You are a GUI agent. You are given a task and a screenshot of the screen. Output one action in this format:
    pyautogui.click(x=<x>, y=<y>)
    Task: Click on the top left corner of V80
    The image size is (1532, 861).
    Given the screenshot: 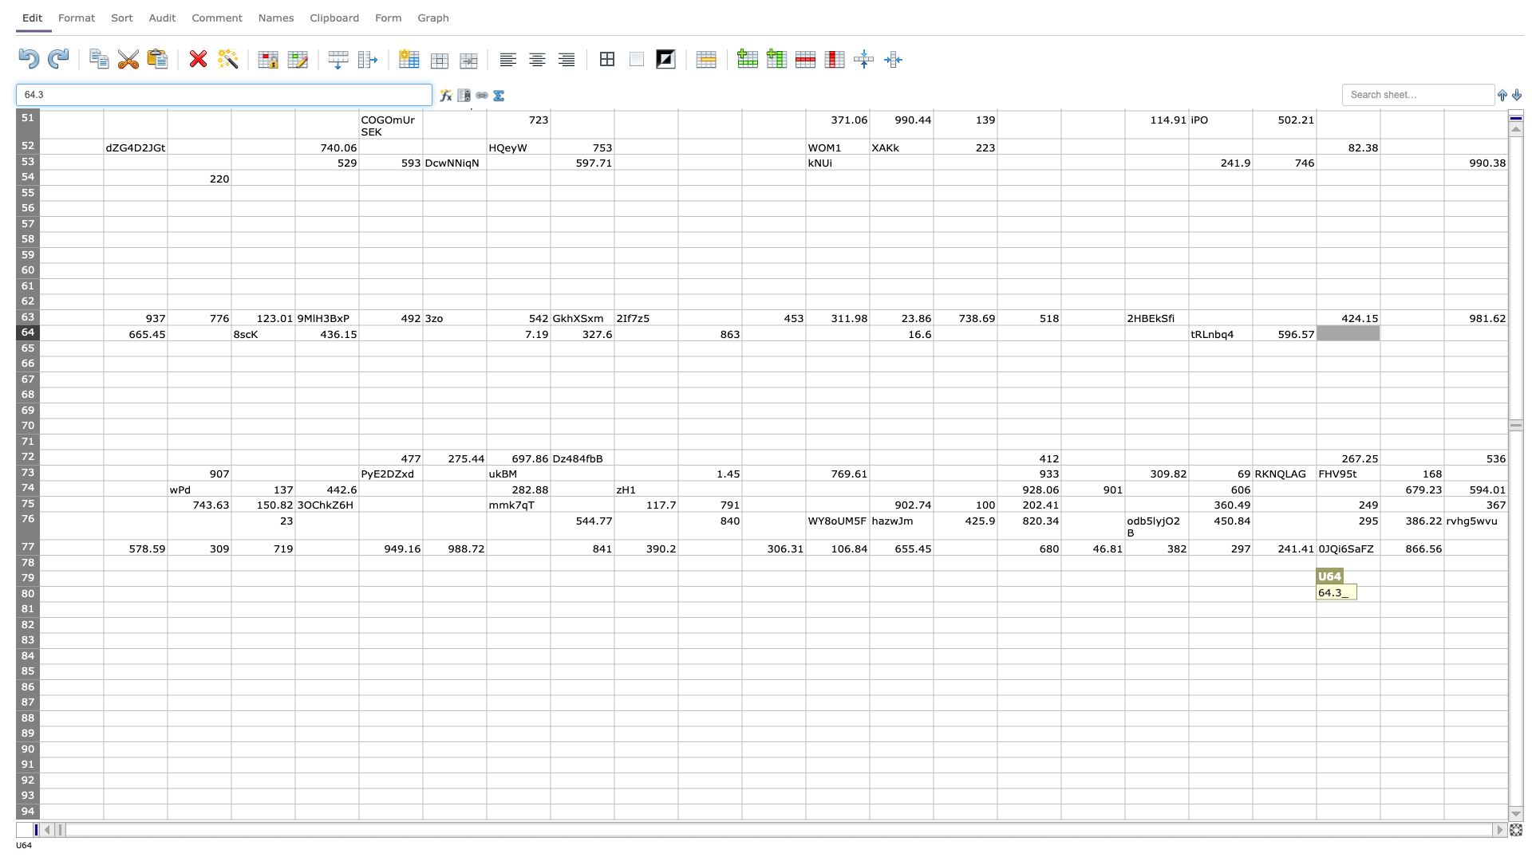 What is the action you would take?
    pyautogui.click(x=1379, y=586)
    